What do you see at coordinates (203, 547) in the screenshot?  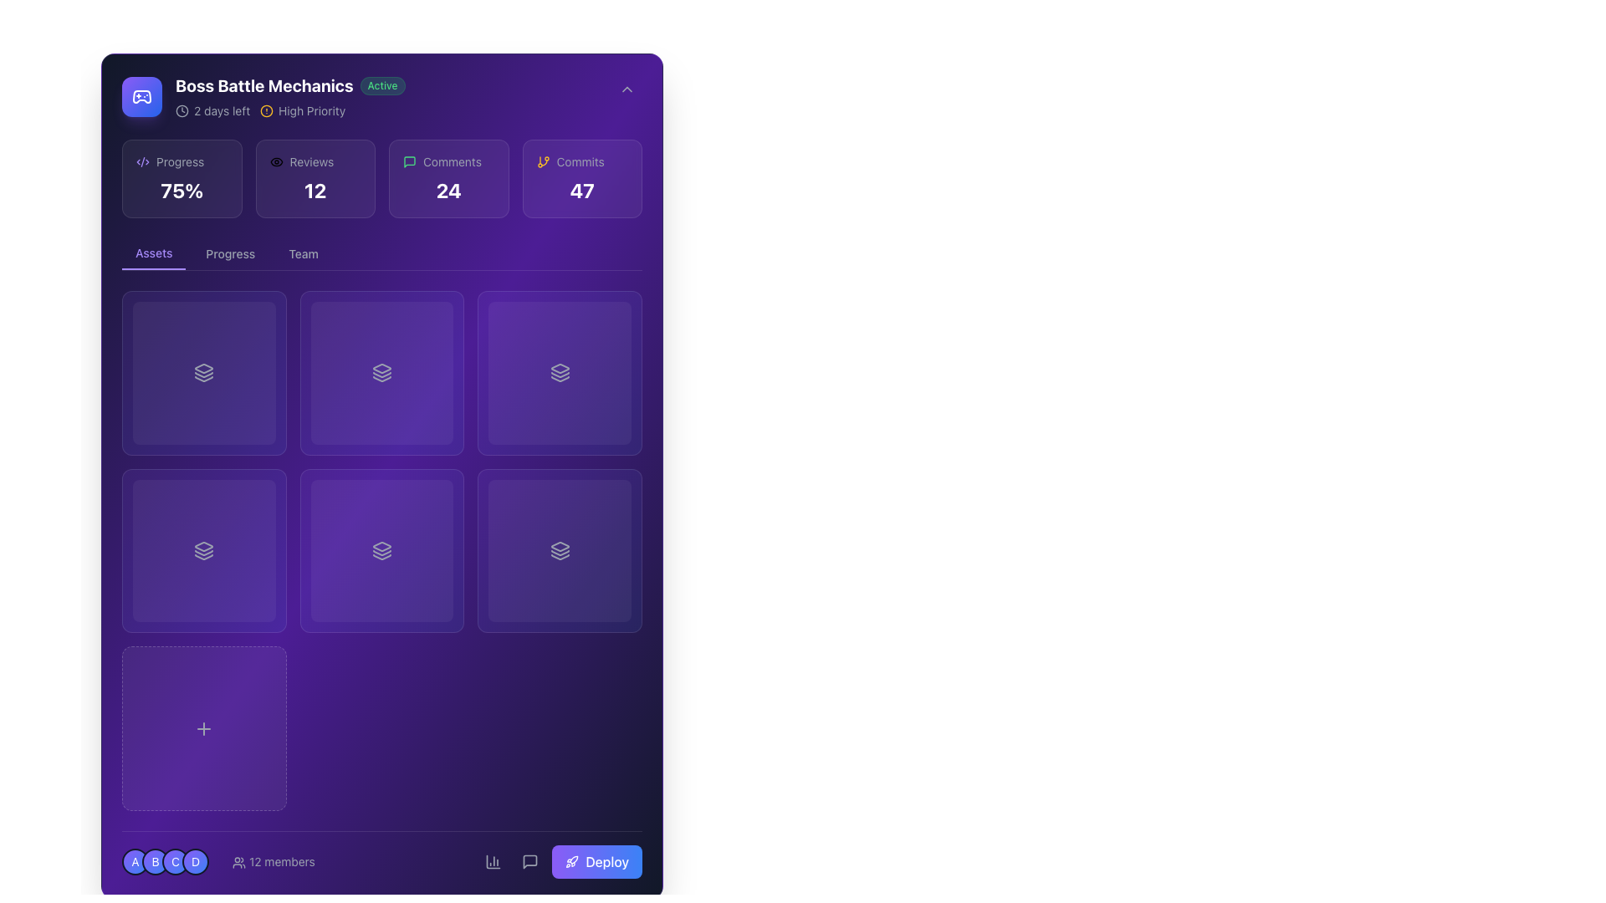 I see `the representation of the top icon in the layered stack within the 'Assets' tab, which signifies grouped or related content` at bounding box center [203, 547].